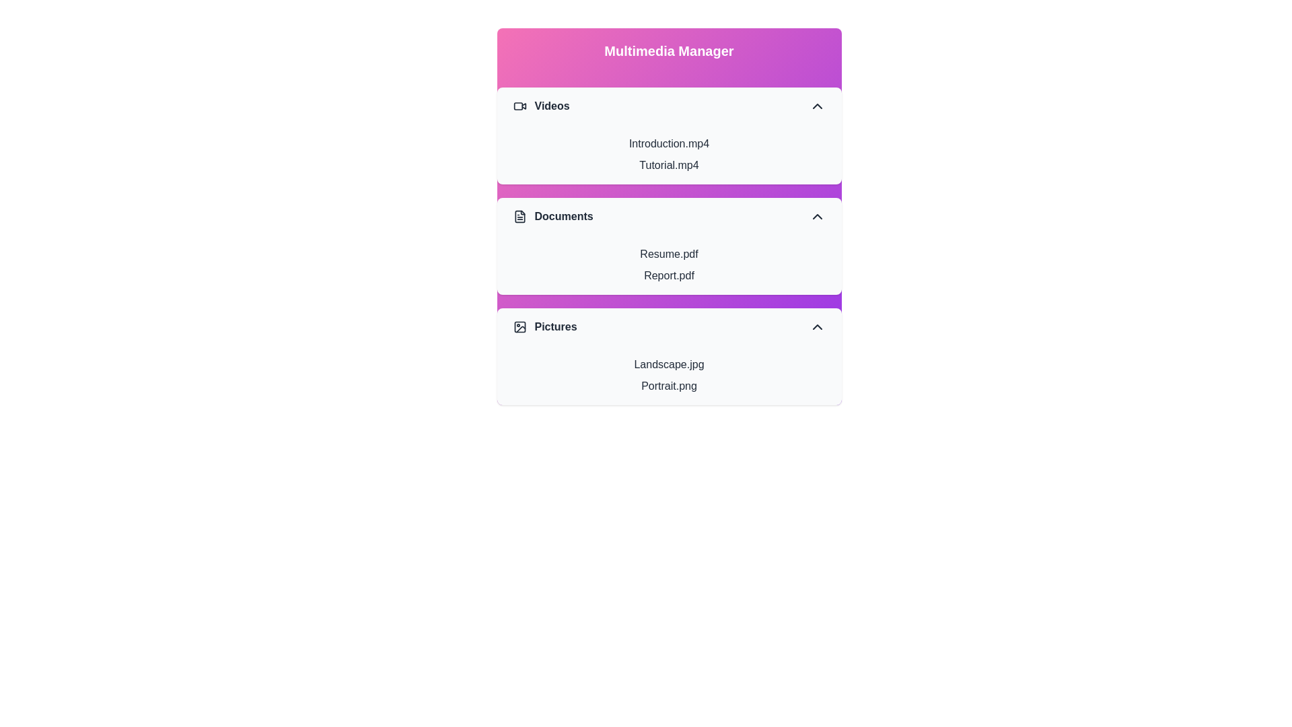 This screenshot has width=1292, height=727. I want to click on the item Landscape.jpg within the section Pictures, so click(669, 365).